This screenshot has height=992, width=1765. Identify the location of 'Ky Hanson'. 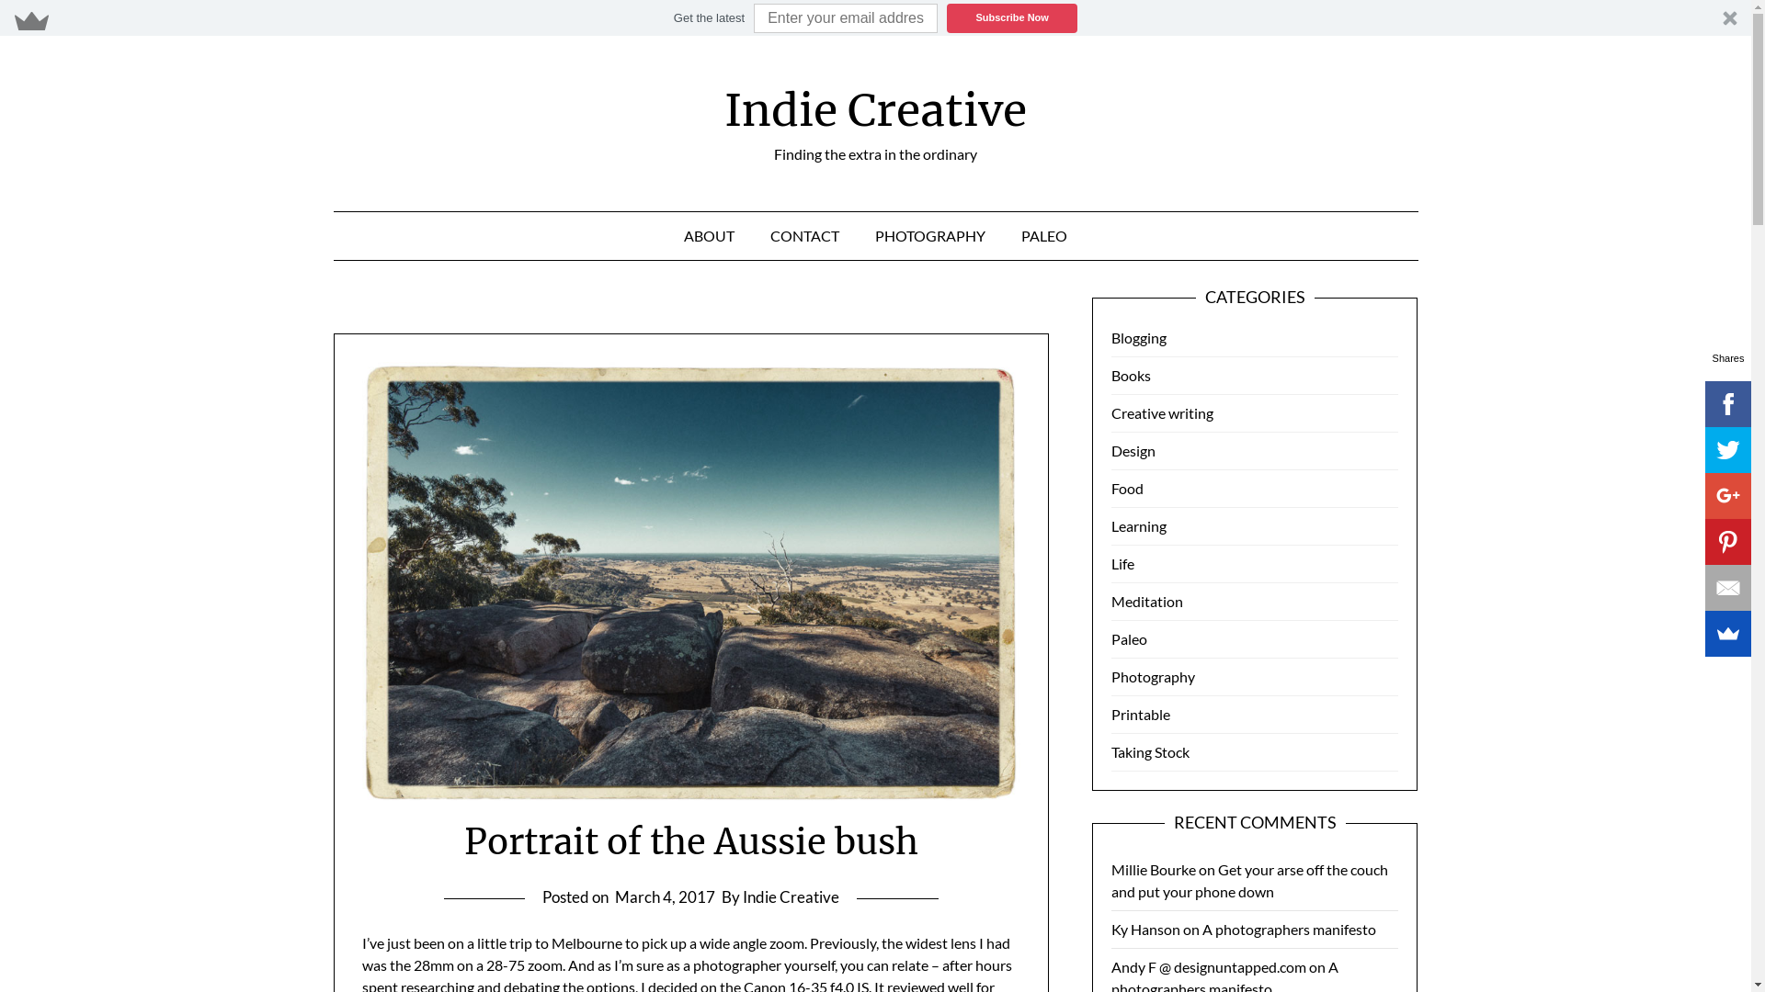
(1144, 929).